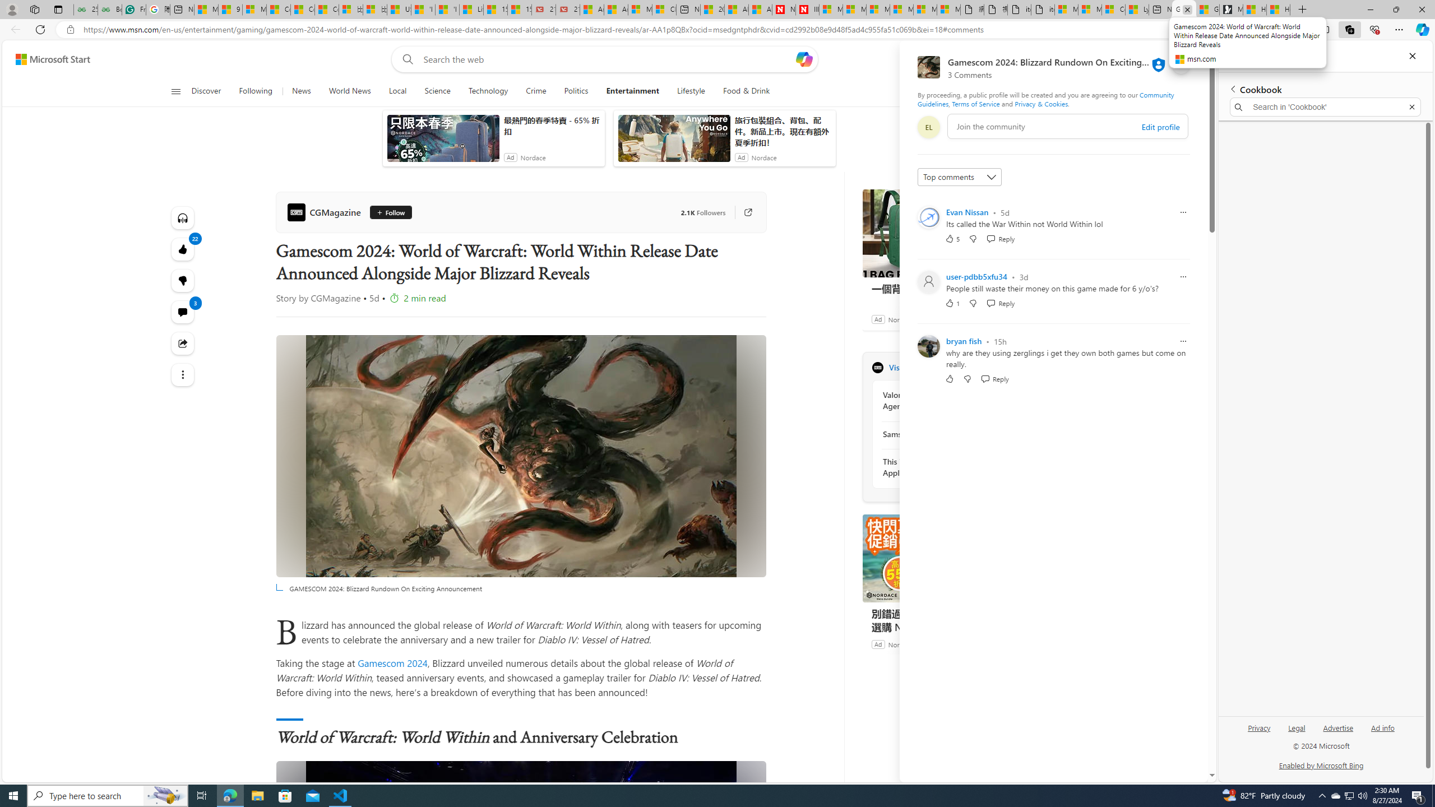  I want to click on 'Reply Reply Comment', so click(994, 378).